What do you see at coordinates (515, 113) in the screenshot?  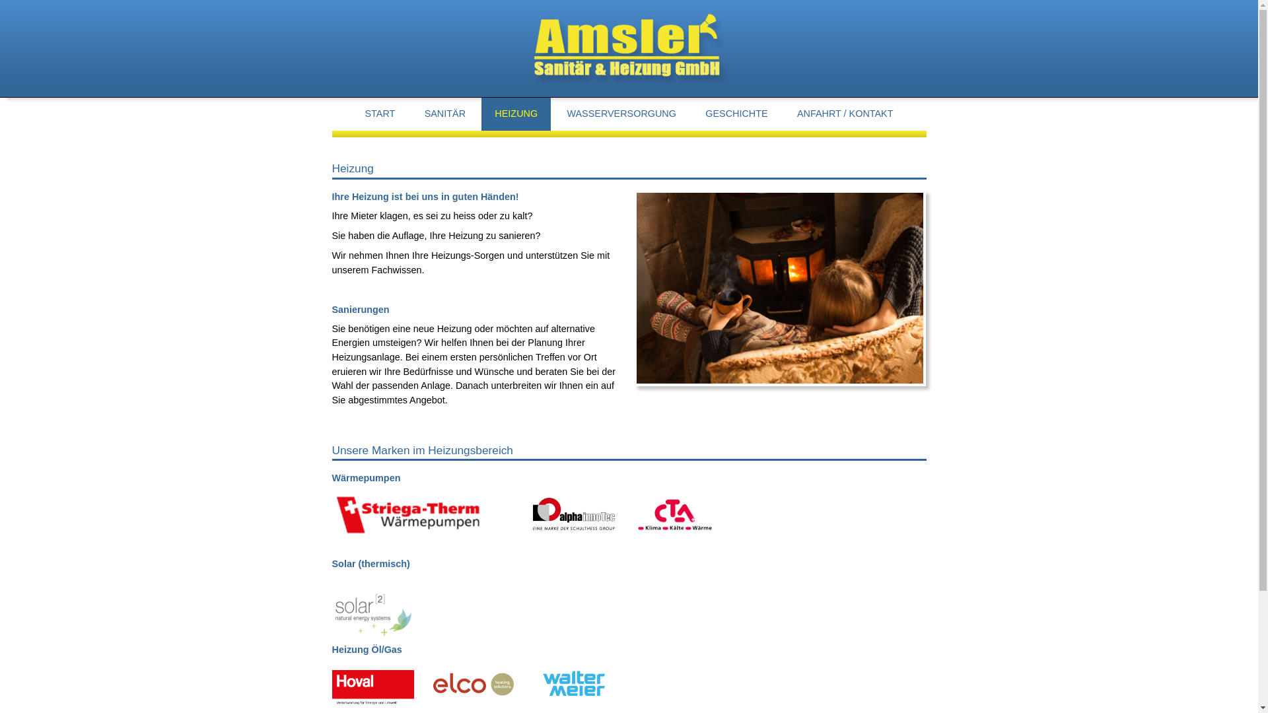 I see `'HEIZUNG'` at bounding box center [515, 113].